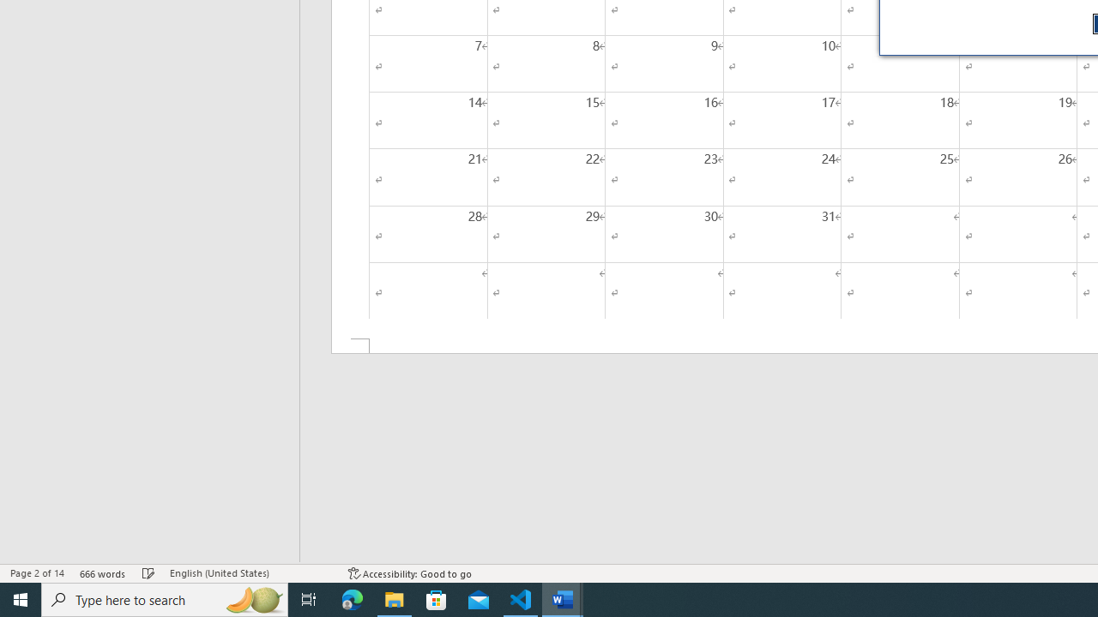 This screenshot has width=1098, height=617. Describe the element at coordinates (21, 598) in the screenshot. I see `'Start'` at that location.